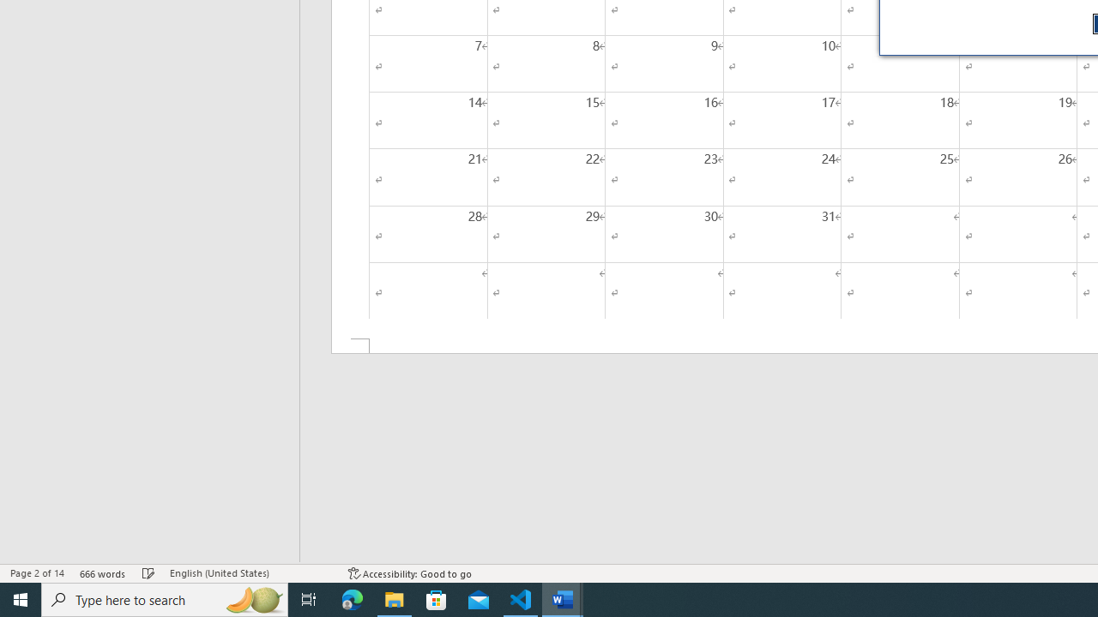 This screenshot has width=1098, height=617. Describe the element at coordinates (21, 598) in the screenshot. I see `'Start'` at that location.